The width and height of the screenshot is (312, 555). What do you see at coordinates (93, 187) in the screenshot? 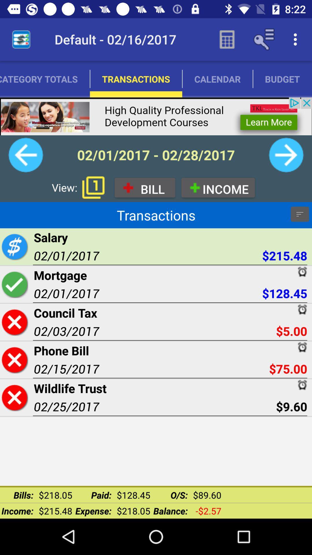
I see `notification` at bounding box center [93, 187].